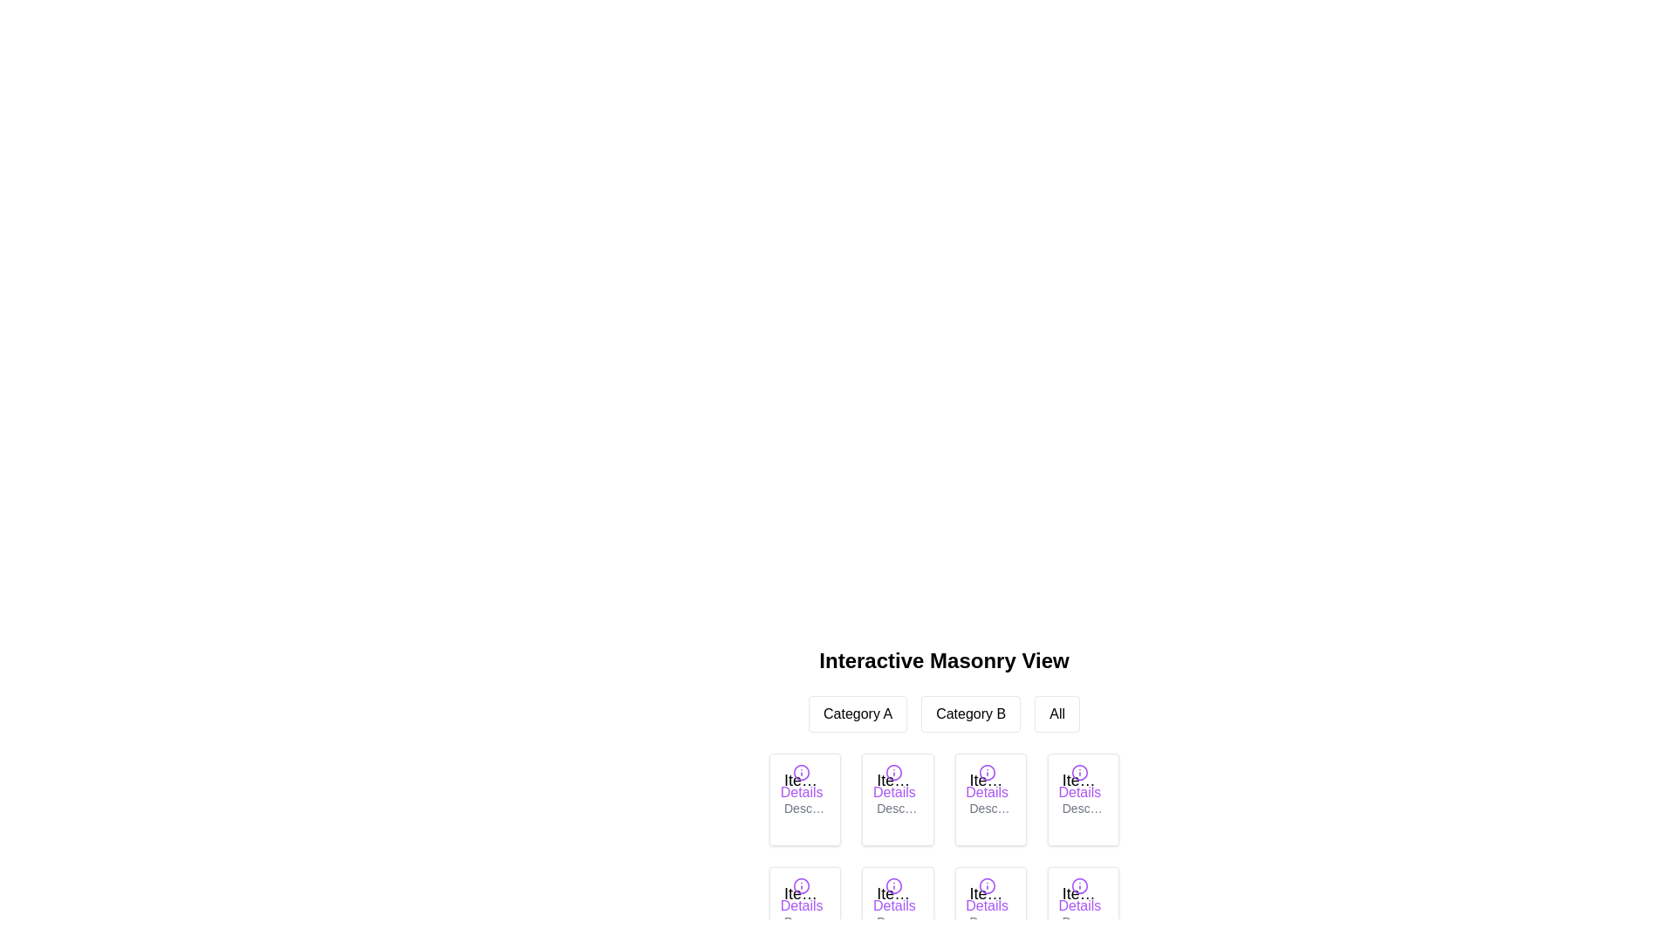 The height and width of the screenshot is (942, 1675). Describe the element at coordinates (1078, 885) in the screenshot. I see `the circular vector graphic within the SVG image element, located in the bottom-right area of the 'Interactive Masonry View' layout, which is part of the icon for the last card in the second row of items` at that location.